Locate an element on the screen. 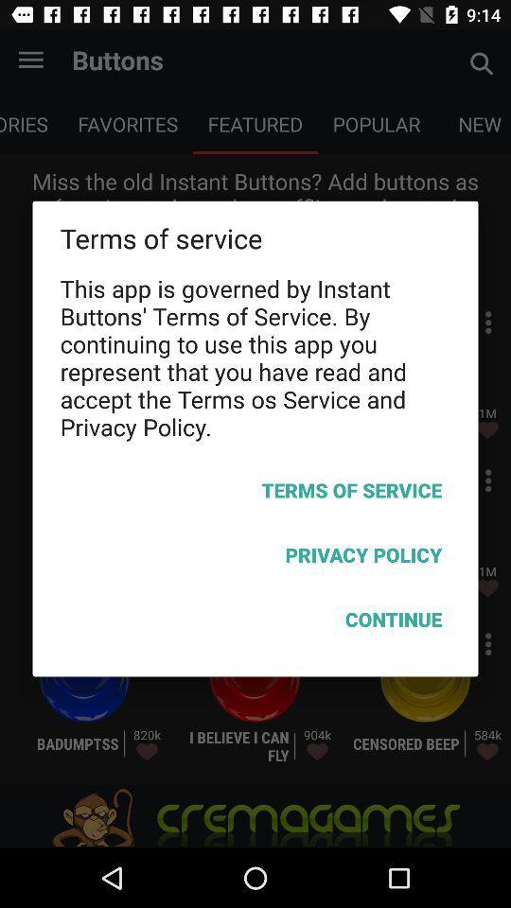  continue at the bottom is located at coordinates (255, 621).